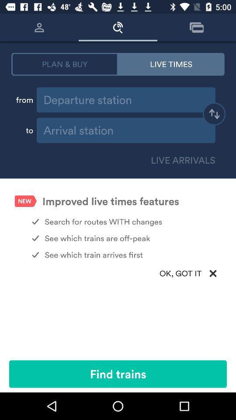 The image size is (236, 420). What do you see at coordinates (125, 130) in the screenshot?
I see `arrival place` at bounding box center [125, 130].